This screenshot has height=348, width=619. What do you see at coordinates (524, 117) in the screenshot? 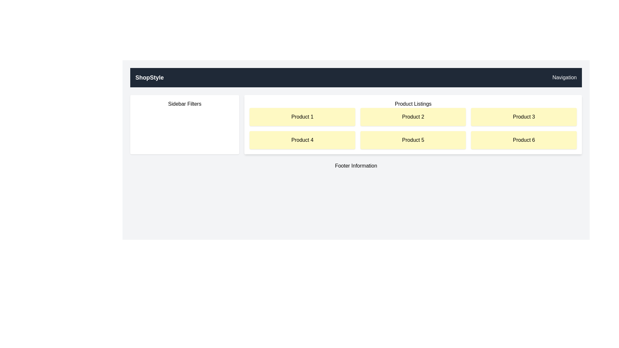
I see `the non-interactive text label displaying 'Product 3', which is located in the third position of a 2x3 grid, right of 'Product 2' and above 'Product 6'` at bounding box center [524, 117].